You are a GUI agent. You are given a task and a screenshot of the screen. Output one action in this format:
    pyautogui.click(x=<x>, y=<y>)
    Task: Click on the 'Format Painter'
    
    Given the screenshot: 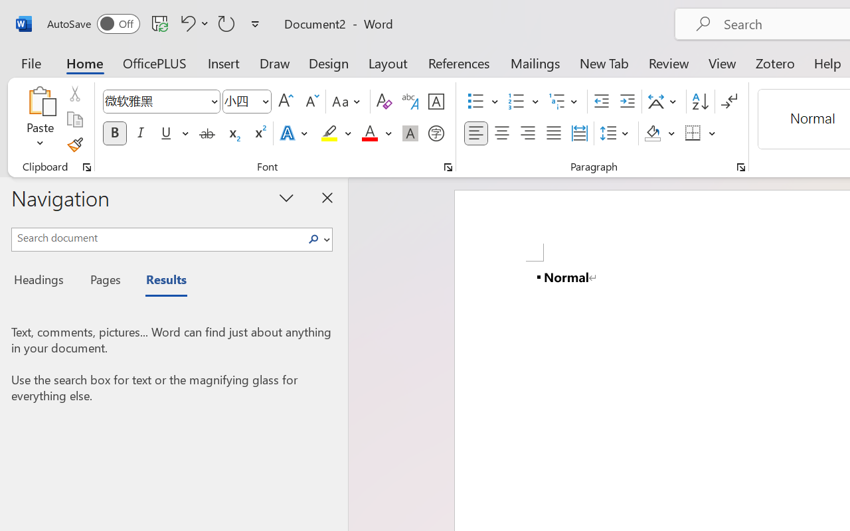 What is the action you would take?
    pyautogui.click(x=74, y=145)
    